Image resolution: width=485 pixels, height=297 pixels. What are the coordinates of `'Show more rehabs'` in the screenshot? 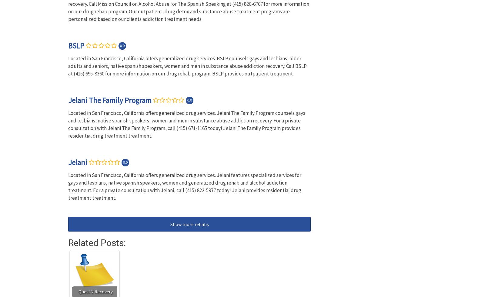 It's located at (189, 224).